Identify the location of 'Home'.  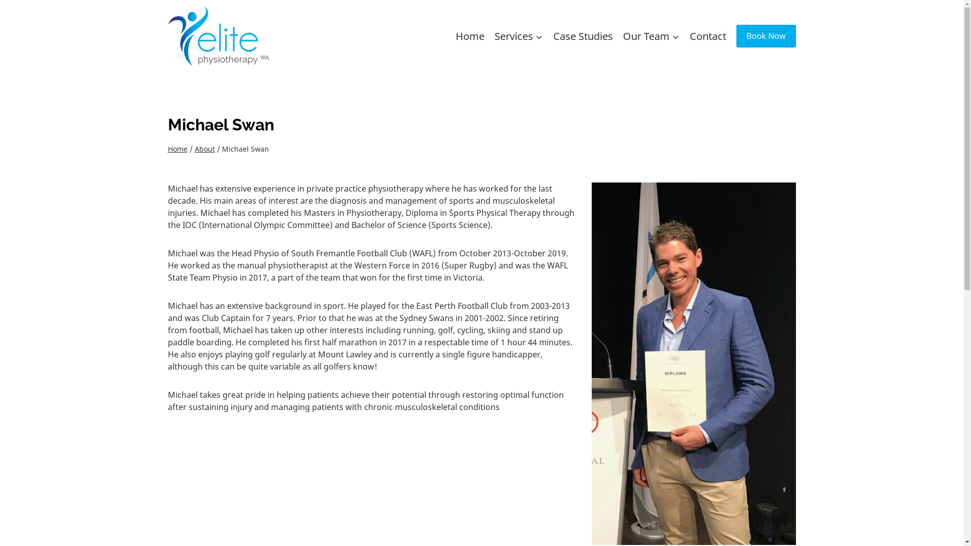
(469, 35).